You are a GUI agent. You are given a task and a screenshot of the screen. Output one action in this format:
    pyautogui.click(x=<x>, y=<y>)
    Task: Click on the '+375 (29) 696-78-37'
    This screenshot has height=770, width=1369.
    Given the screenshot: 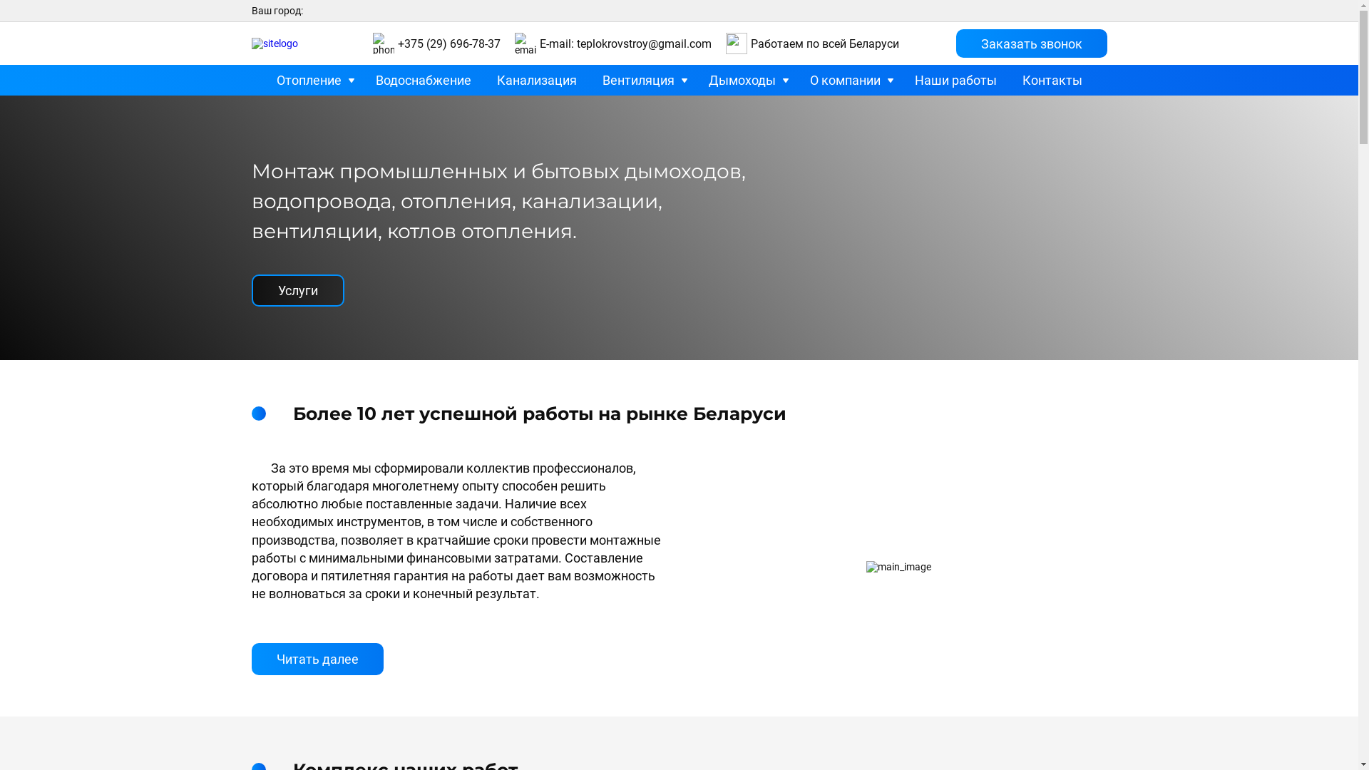 What is the action you would take?
    pyautogui.click(x=397, y=43)
    